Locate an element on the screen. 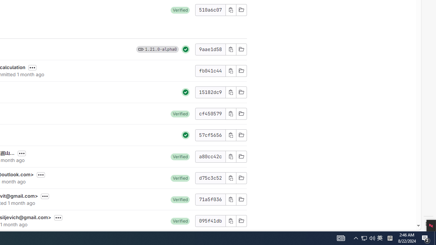 The image size is (436, 245). 'Toggle commit description' is located at coordinates (58, 218).